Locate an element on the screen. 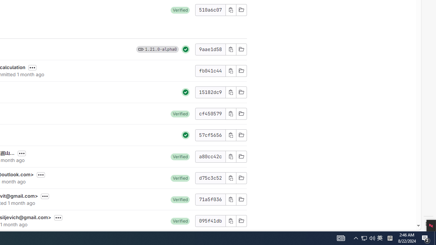 The image size is (436, 245). 'Toggle commit description' is located at coordinates (58, 218).